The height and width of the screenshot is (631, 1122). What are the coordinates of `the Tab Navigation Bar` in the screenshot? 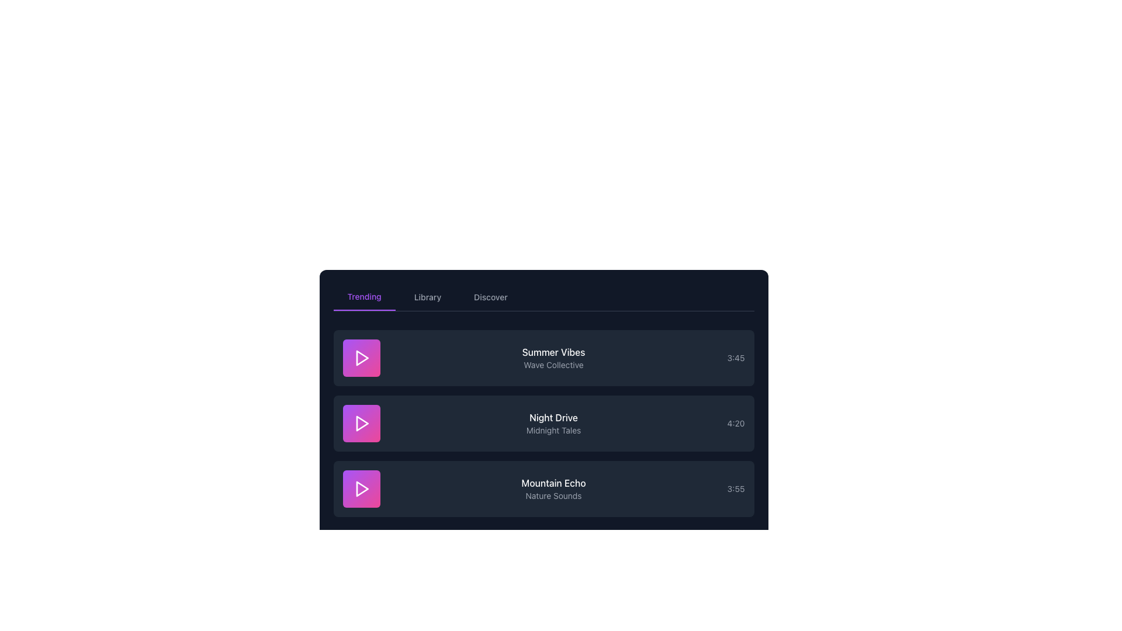 It's located at (543, 297).